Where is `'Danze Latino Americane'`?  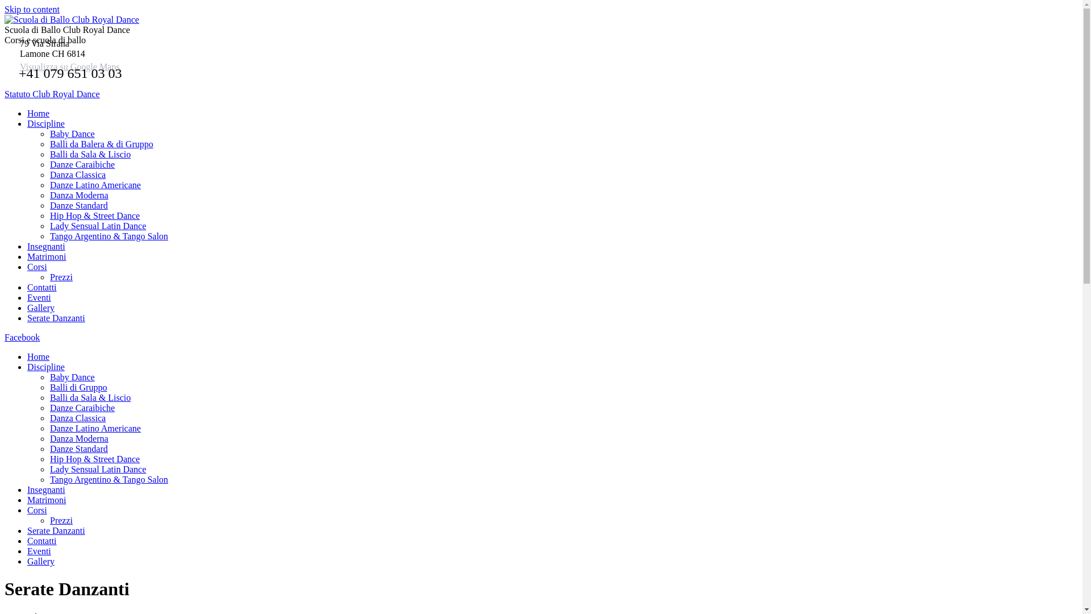 'Danze Latino Americane' is located at coordinates (95, 428).